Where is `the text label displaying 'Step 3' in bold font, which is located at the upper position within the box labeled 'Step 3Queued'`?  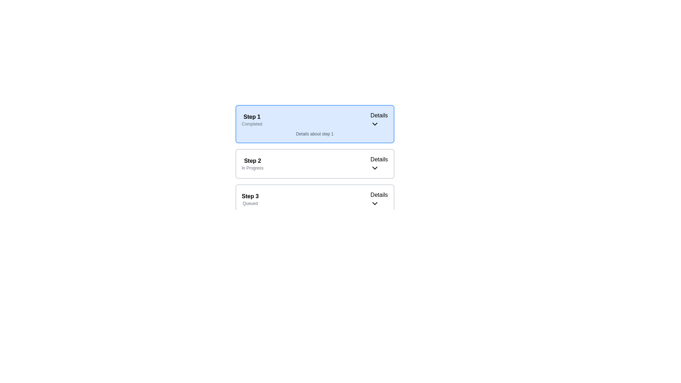
the text label displaying 'Step 3' in bold font, which is located at the upper position within the box labeled 'Step 3Queued' is located at coordinates (250, 196).